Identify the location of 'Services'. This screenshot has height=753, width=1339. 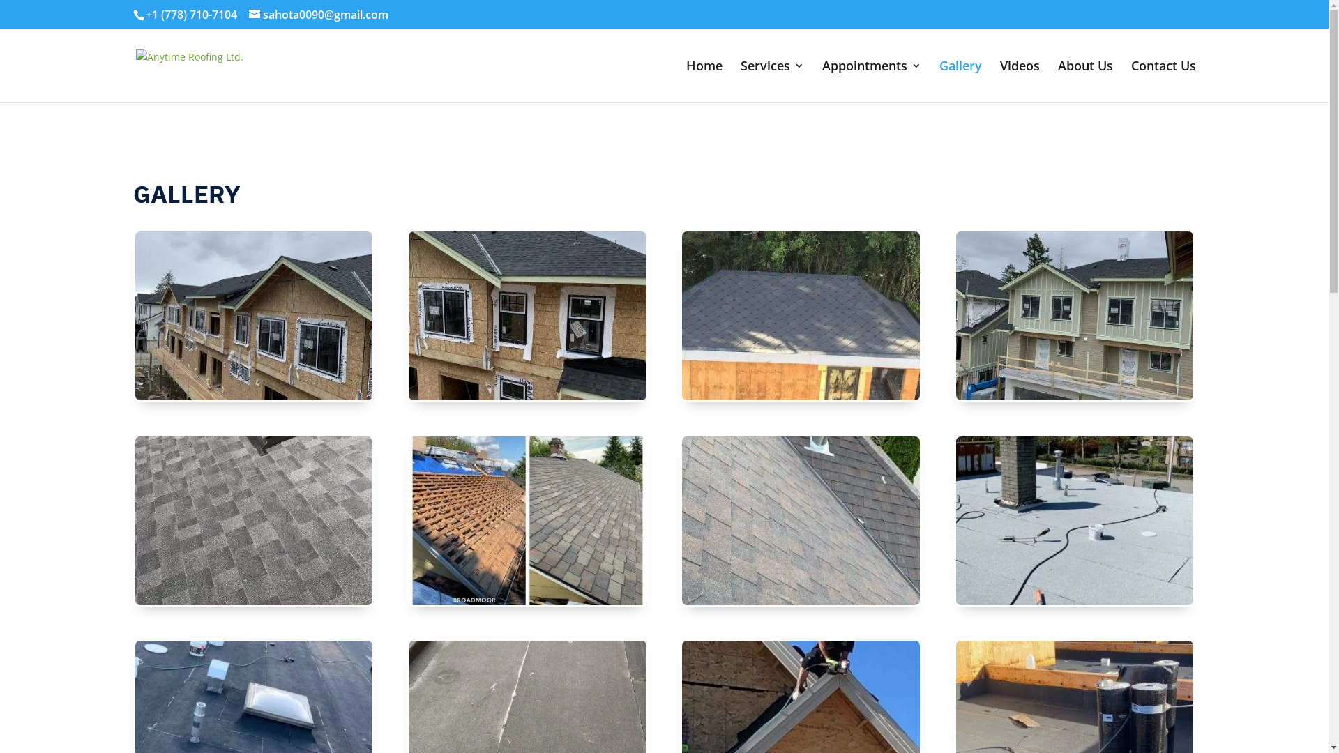
(771, 81).